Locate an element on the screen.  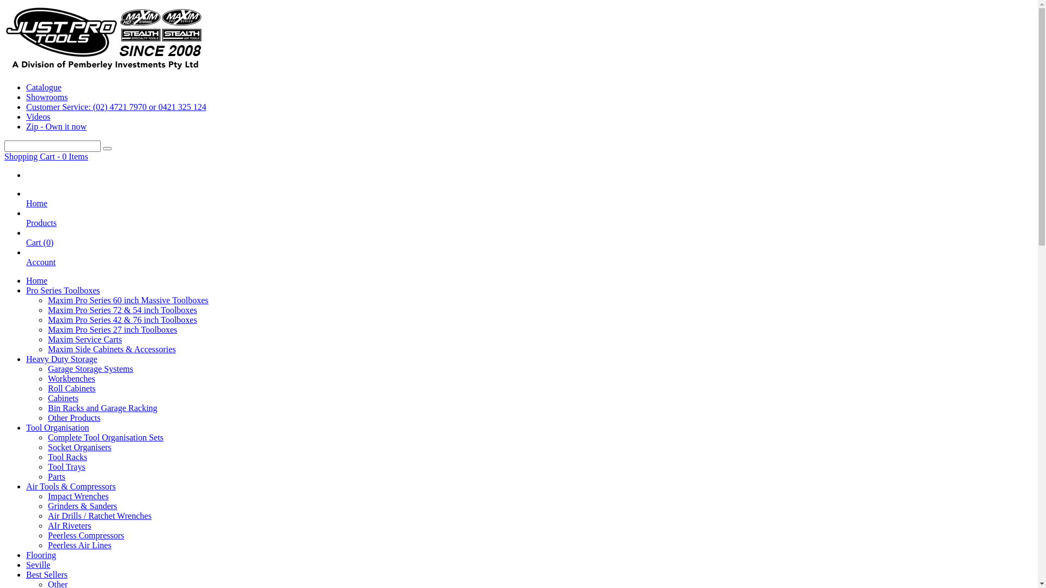
'Maxim Pro Series 72 & 54 inch Toolboxes' is located at coordinates (123, 310).